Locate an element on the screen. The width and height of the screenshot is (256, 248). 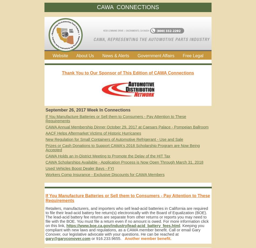
'September 26, 2017 Week In Connections' is located at coordinates (88, 110).